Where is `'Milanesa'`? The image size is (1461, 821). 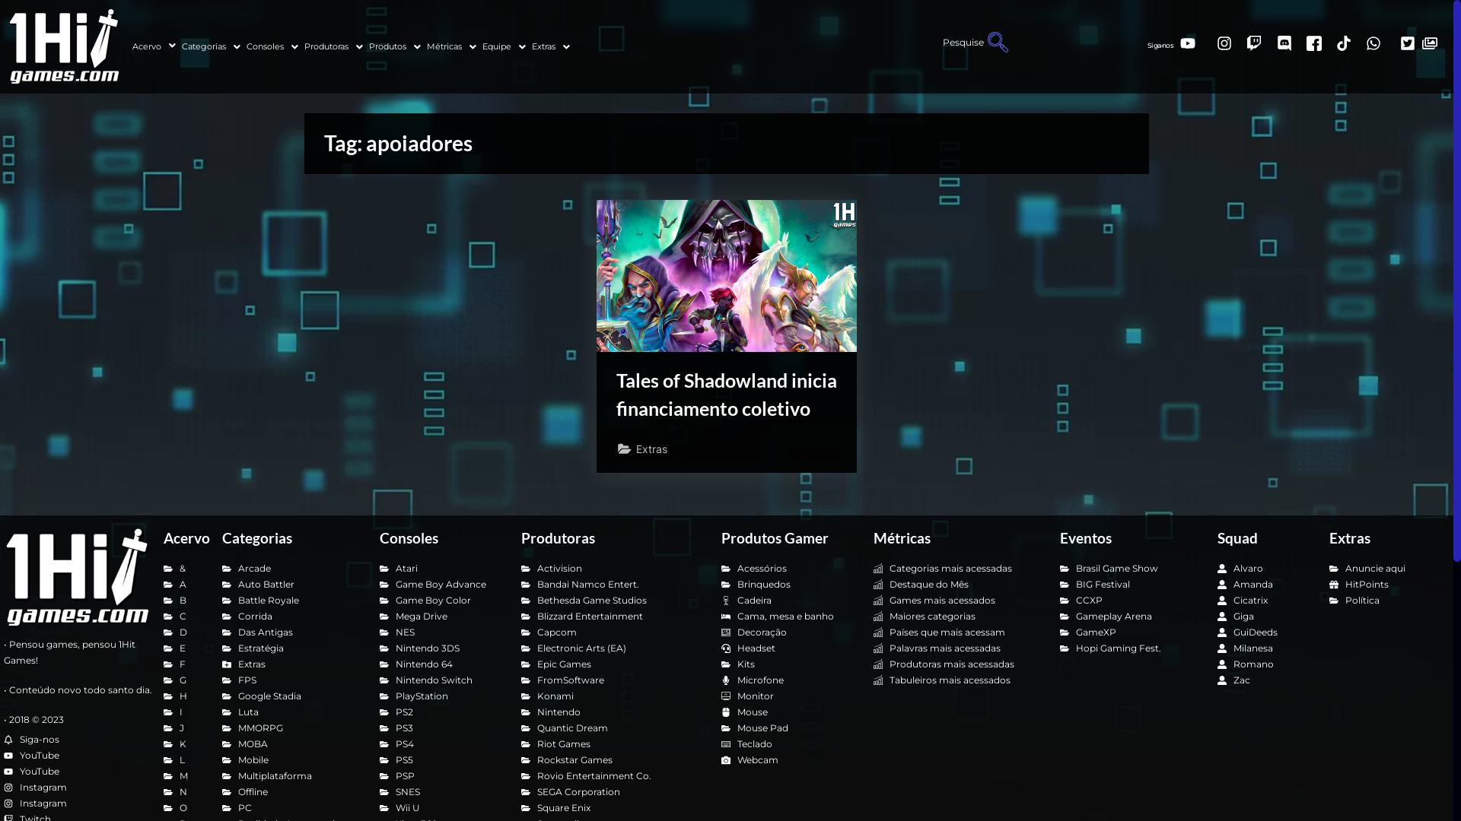
'Milanesa' is located at coordinates (1265, 648).